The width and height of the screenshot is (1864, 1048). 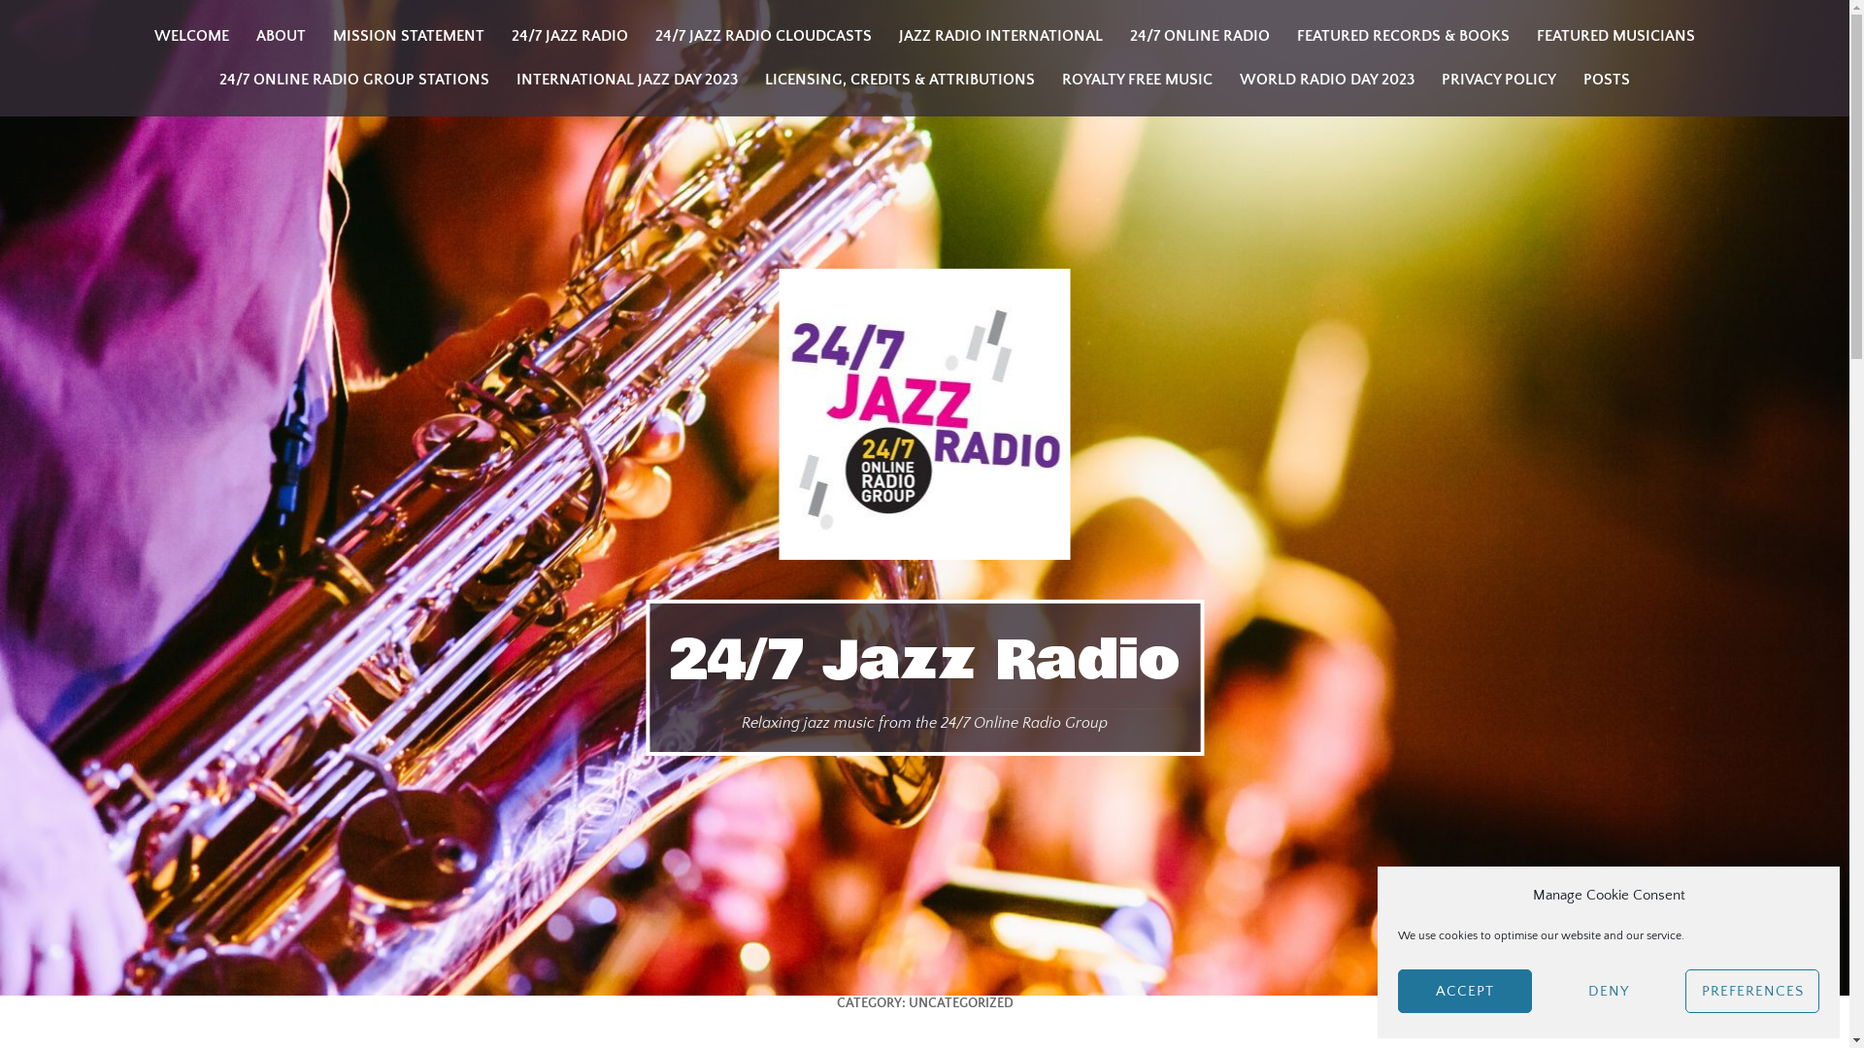 What do you see at coordinates (568, 36) in the screenshot?
I see `'24/7 JAZZ RADIO'` at bounding box center [568, 36].